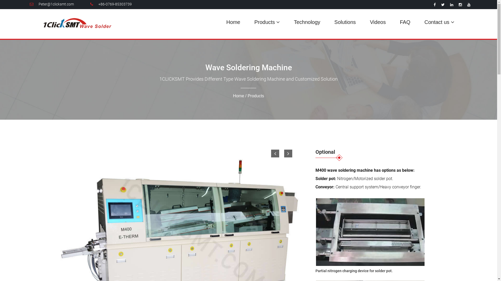 The image size is (501, 281). Describe the element at coordinates (467, 5) in the screenshot. I see `'Youtube'` at that location.